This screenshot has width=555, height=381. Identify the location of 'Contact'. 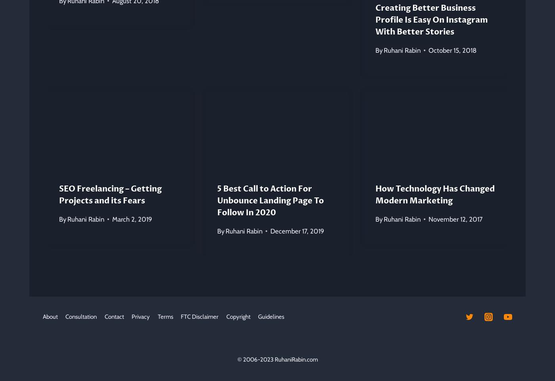
(114, 316).